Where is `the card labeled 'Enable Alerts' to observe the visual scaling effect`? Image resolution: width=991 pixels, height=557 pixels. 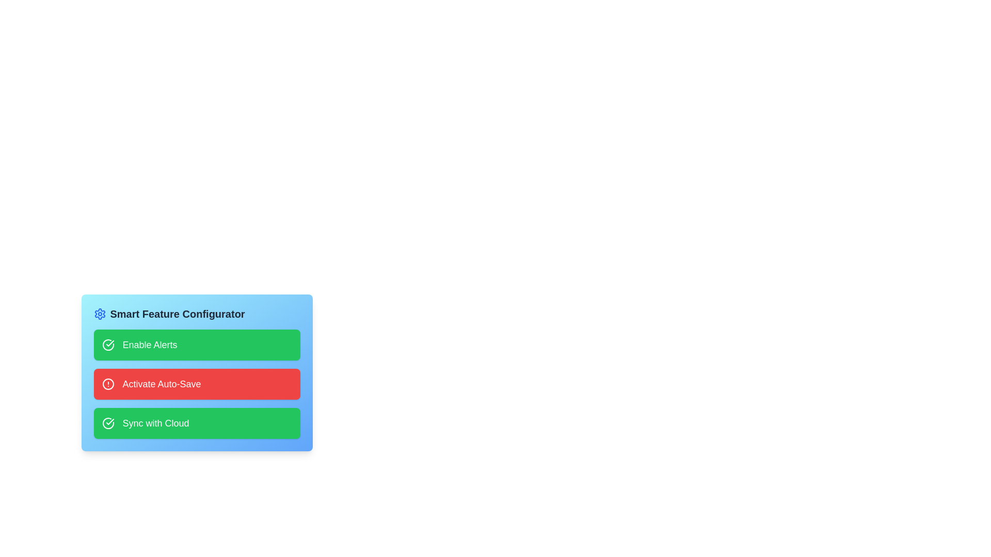
the card labeled 'Enable Alerts' to observe the visual scaling effect is located at coordinates (197, 345).